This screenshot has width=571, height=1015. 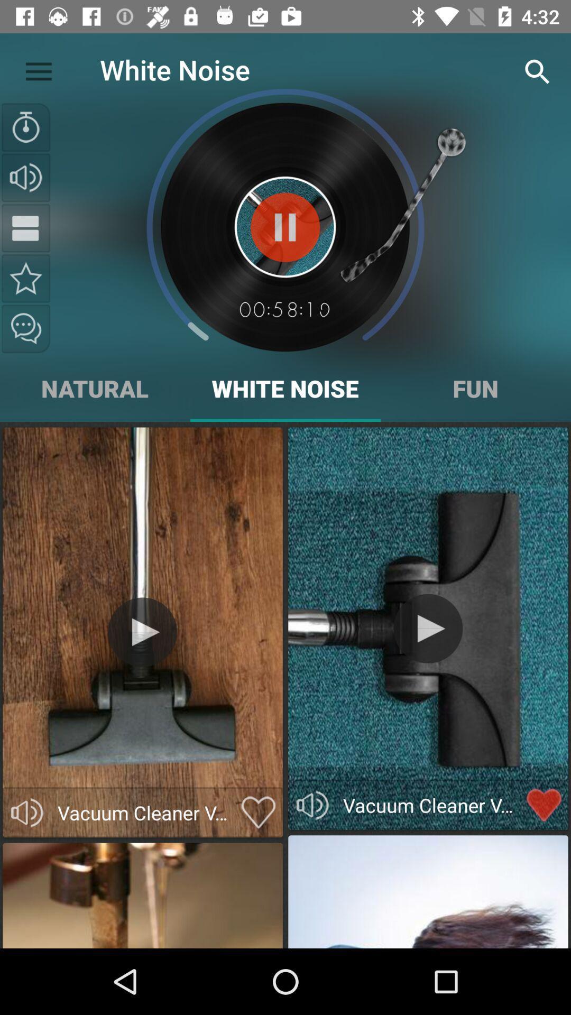 What do you see at coordinates (25, 278) in the screenshot?
I see `to favorites` at bounding box center [25, 278].